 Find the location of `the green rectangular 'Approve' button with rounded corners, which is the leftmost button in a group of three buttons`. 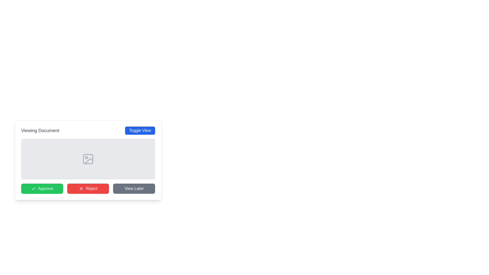

the green rectangular 'Approve' button with rounded corners, which is the leftmost button in a group of three buttons is located at coordinates (42, 188).